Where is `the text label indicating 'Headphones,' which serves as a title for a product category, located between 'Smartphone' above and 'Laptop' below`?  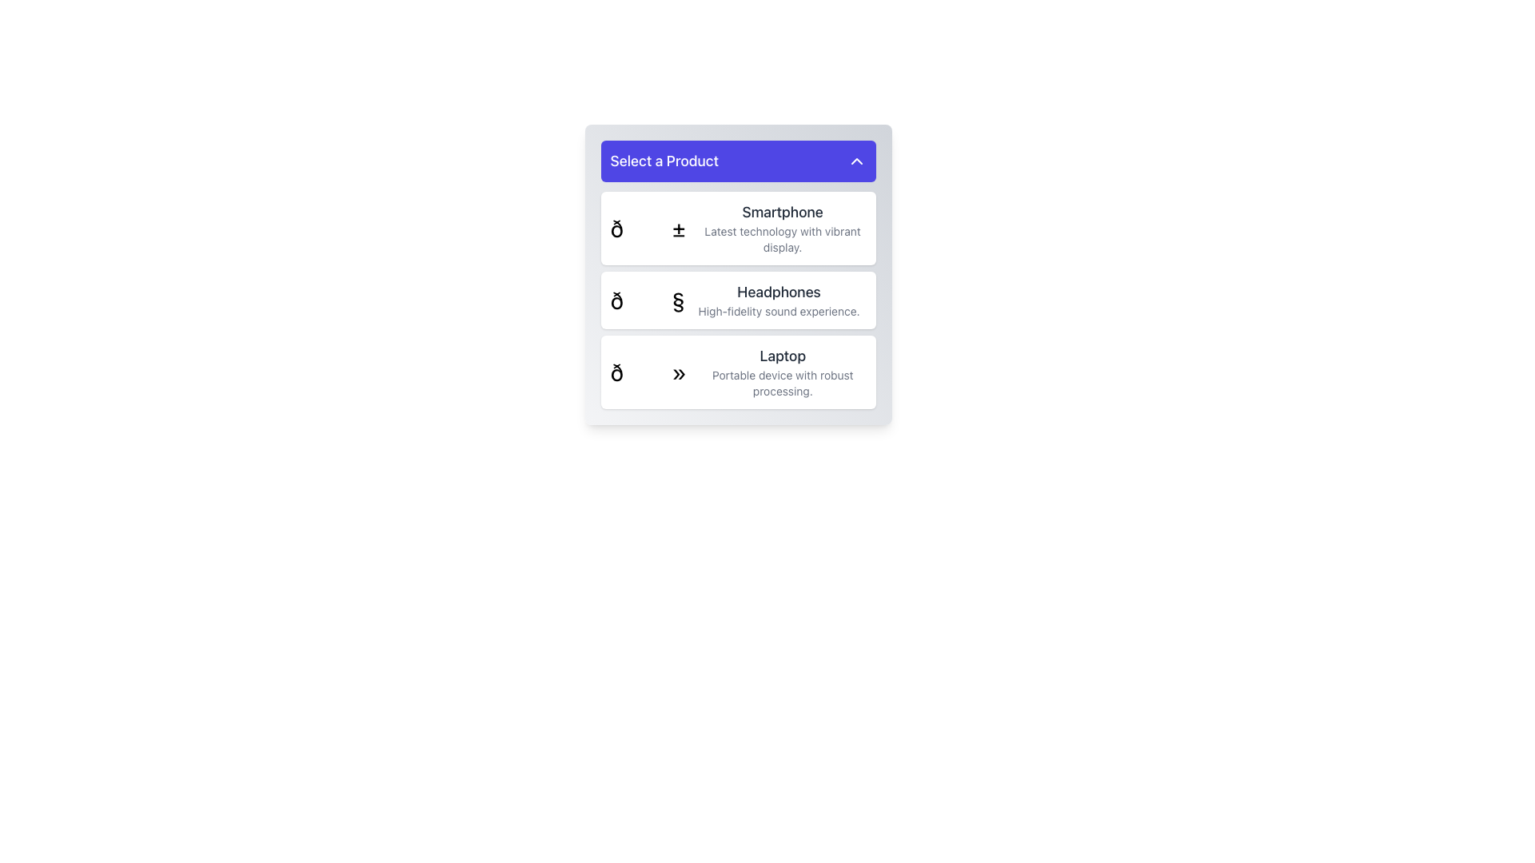 the text label indicating 'Headphones,' which serves as a title for a product category, located between 'Smartphone' above and 'Laptop' below is located at coordinates (779, 292).